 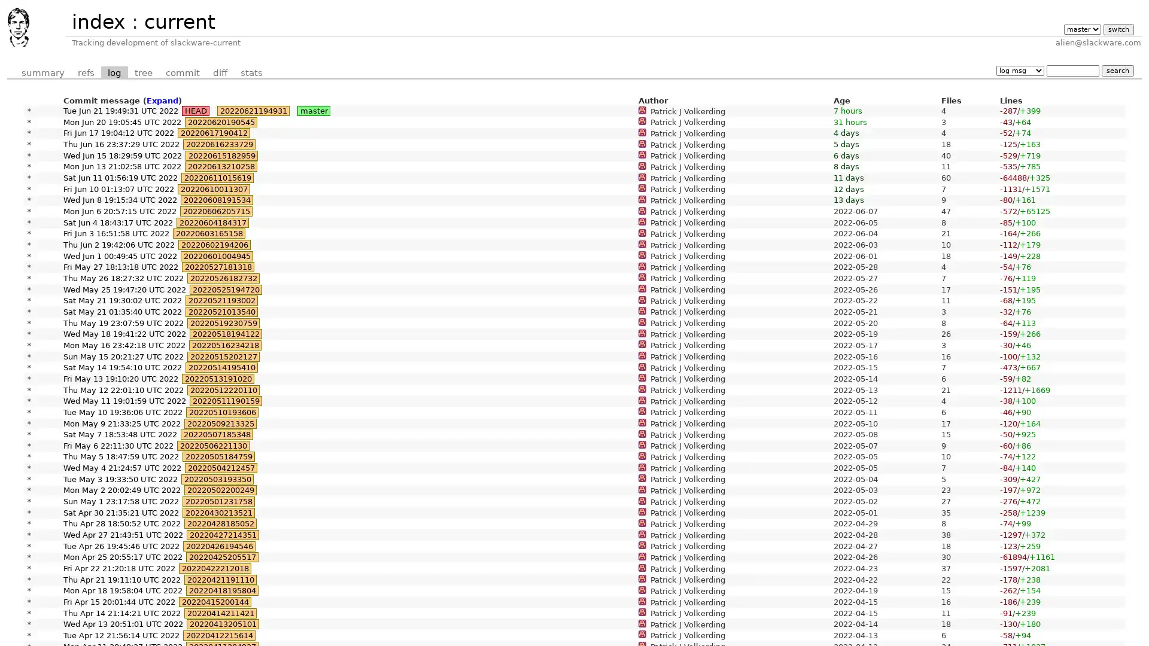 What do you see at coordinates (1117, 70) in the screenshot?
I see `search` at bounding box center [1117, 70].